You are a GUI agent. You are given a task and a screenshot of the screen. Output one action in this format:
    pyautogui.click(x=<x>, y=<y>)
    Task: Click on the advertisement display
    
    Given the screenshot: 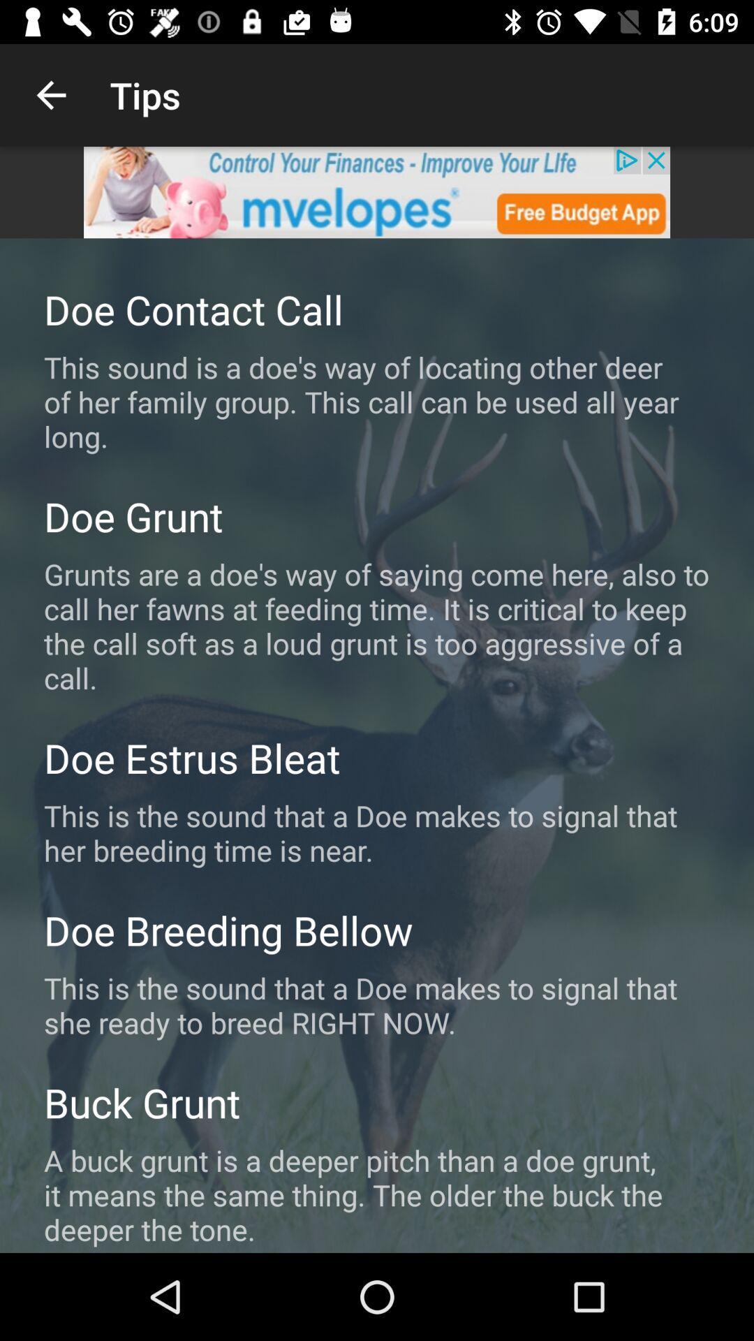 What is the action you would take?
    pyautogui.click(x=377, y=191)
    